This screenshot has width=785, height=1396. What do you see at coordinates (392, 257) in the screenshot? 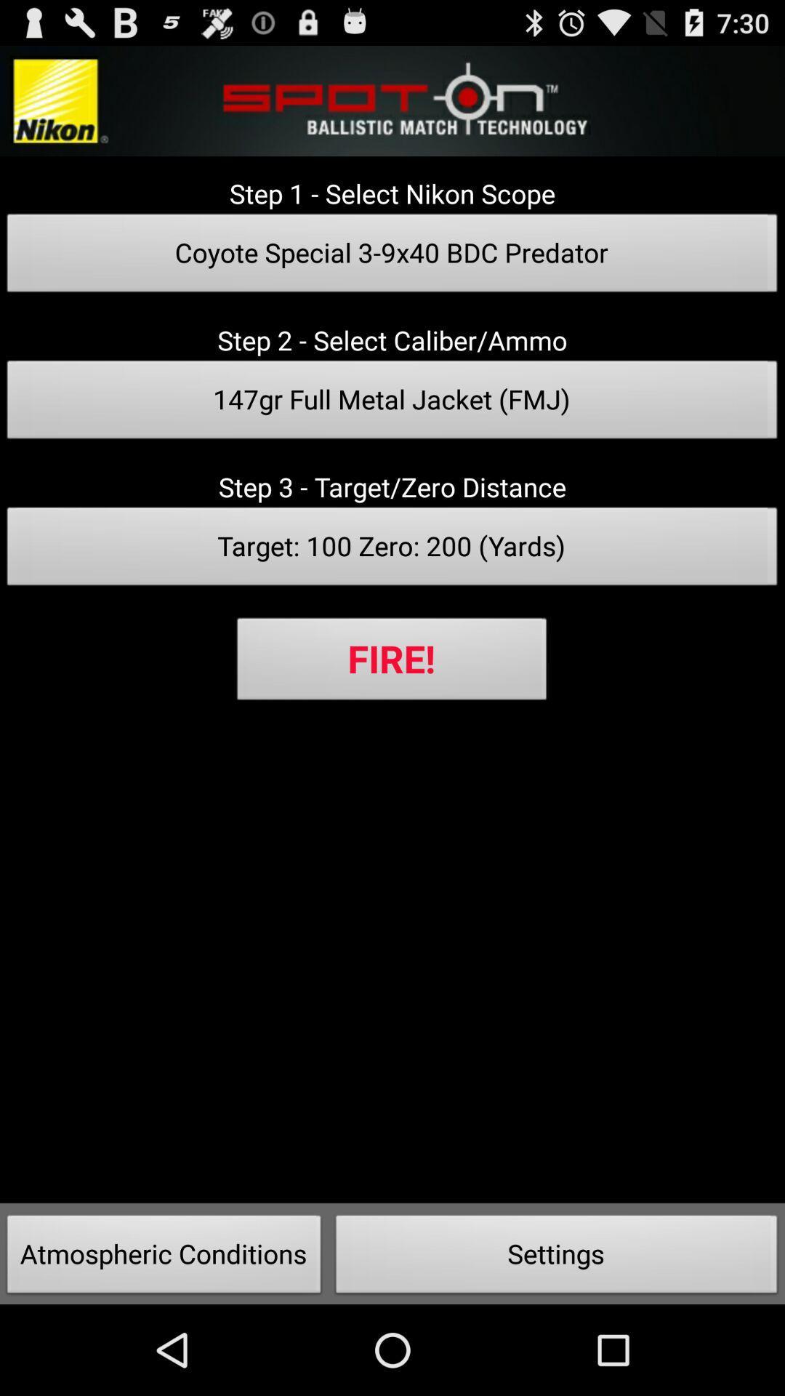
I see `the item above the step 2 select` at bounding box center [392, 257].